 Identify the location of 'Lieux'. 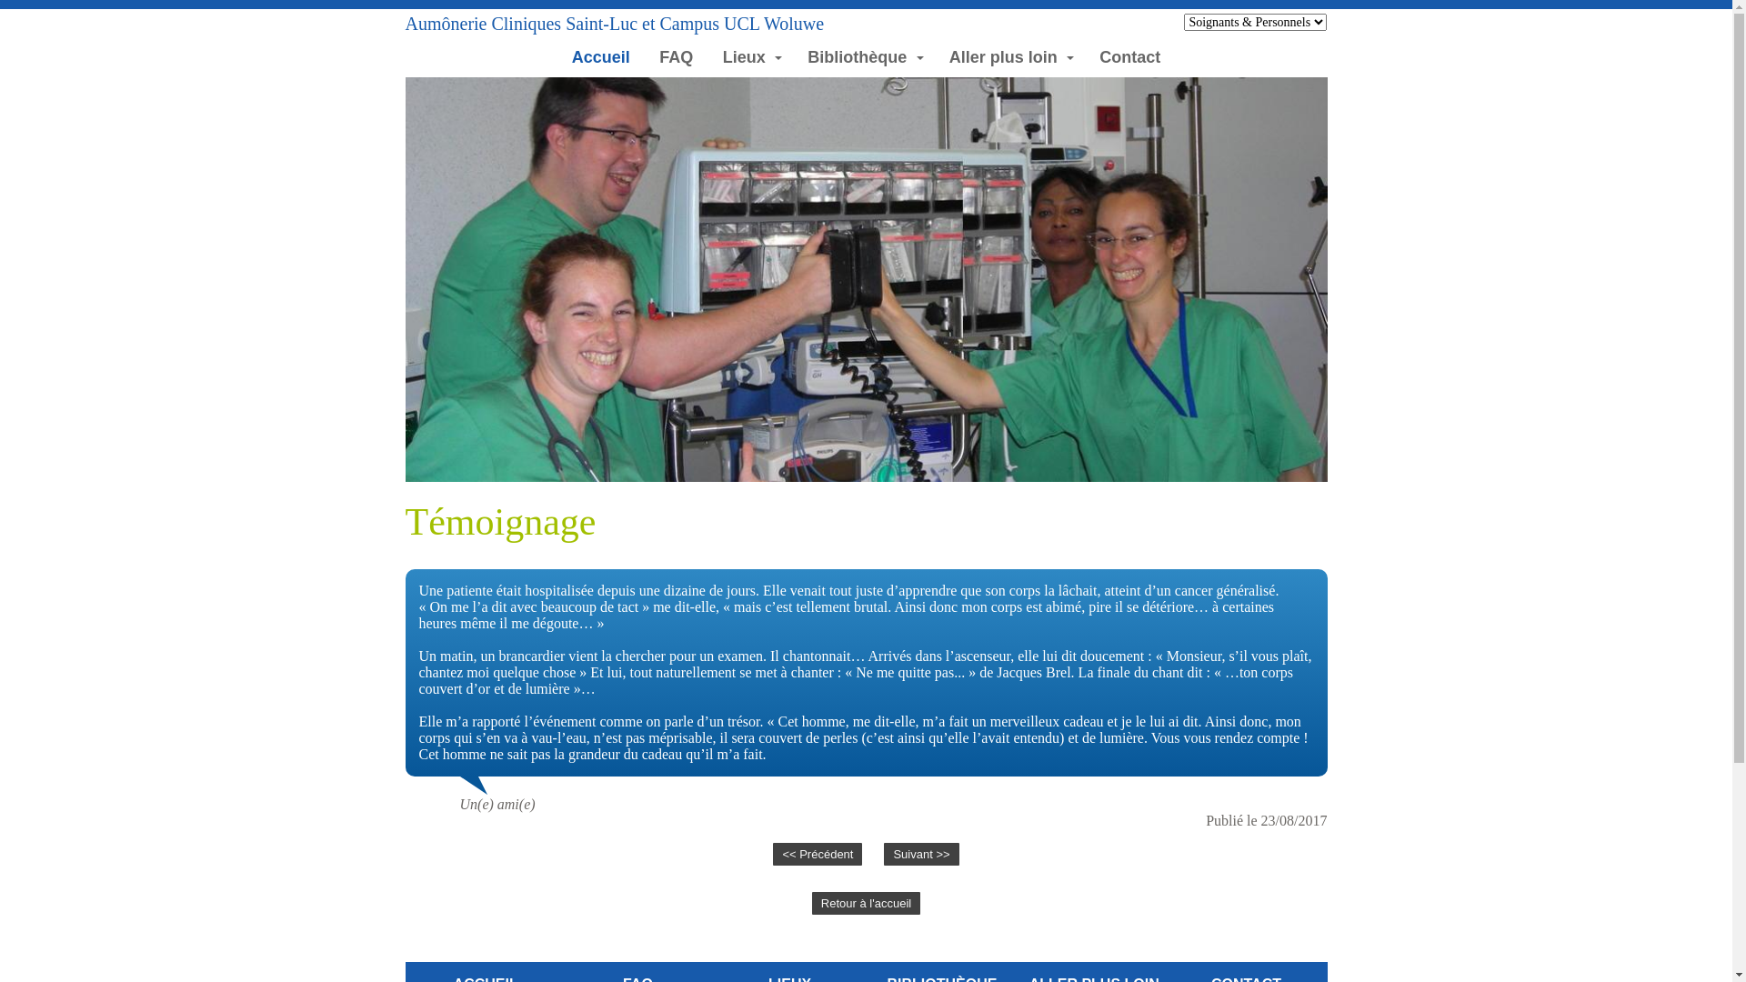
(750, 56).